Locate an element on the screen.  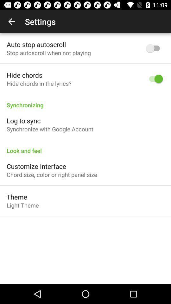
look and feel item is located at coordinates (85, 147).